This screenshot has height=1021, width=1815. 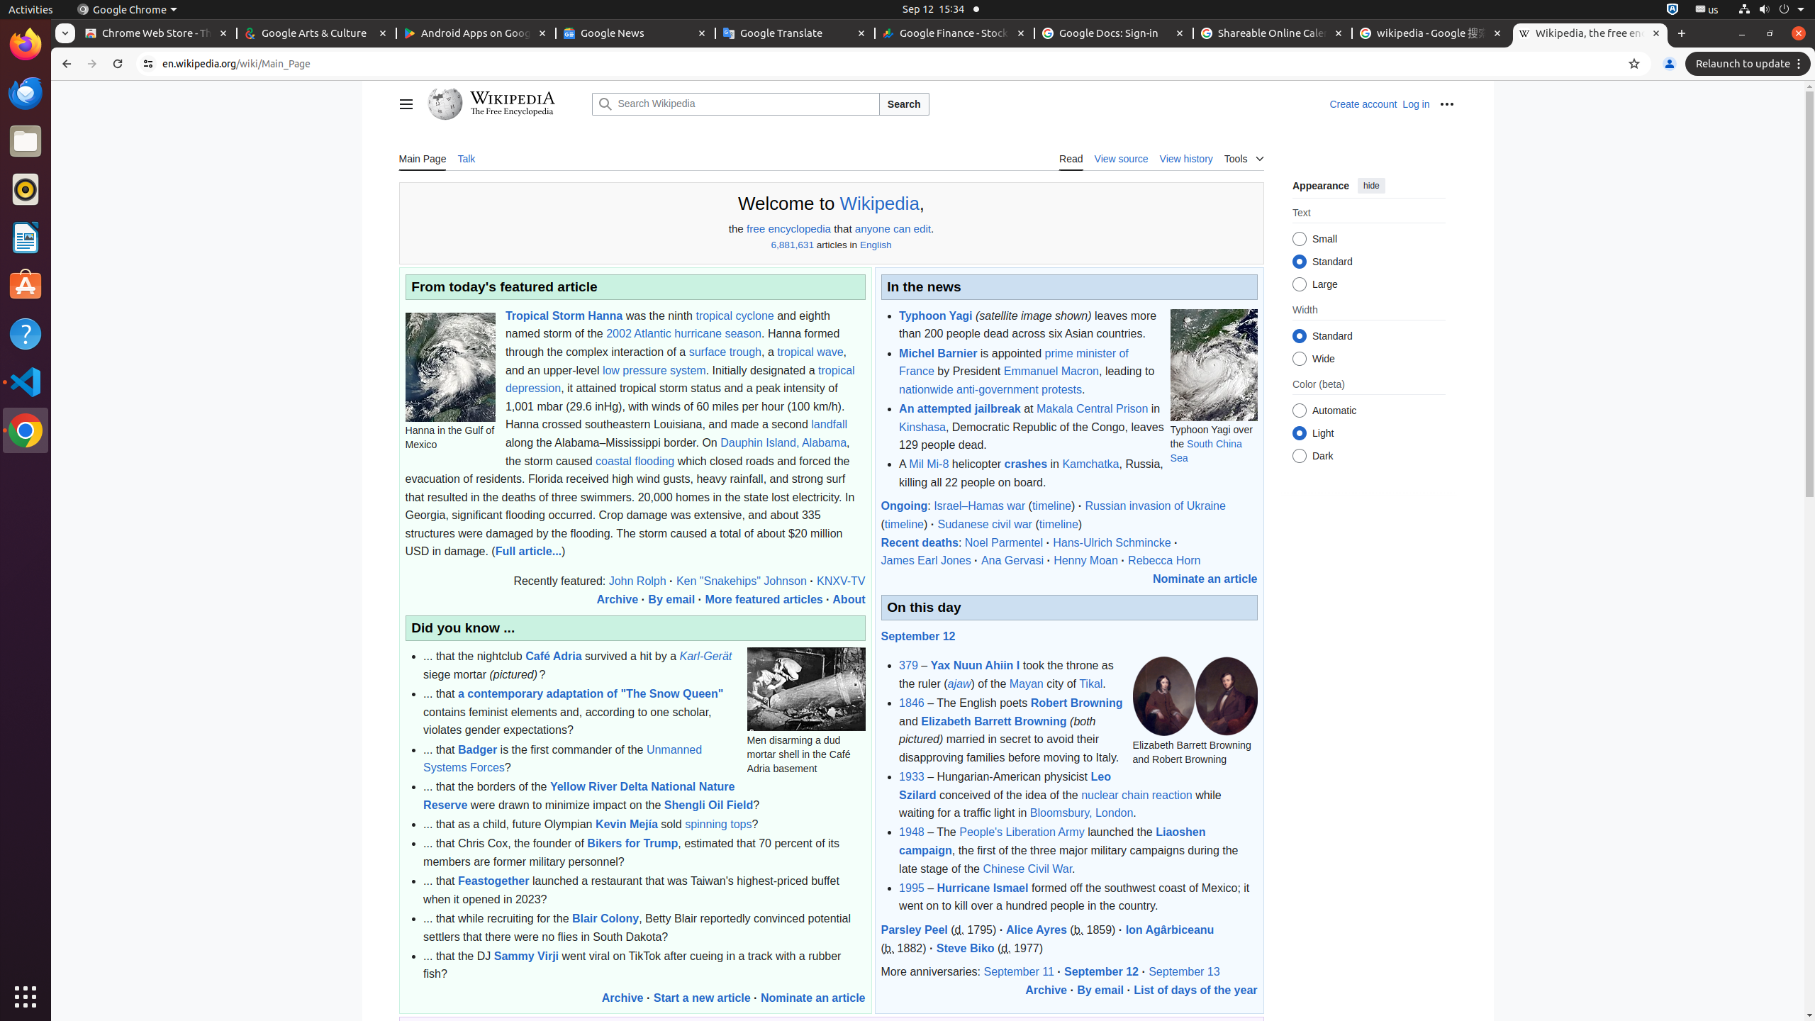 What do you see at coordinates (422, 157) in the screenshot?
I see `'Main Page'` at bounding box center [422, 157].